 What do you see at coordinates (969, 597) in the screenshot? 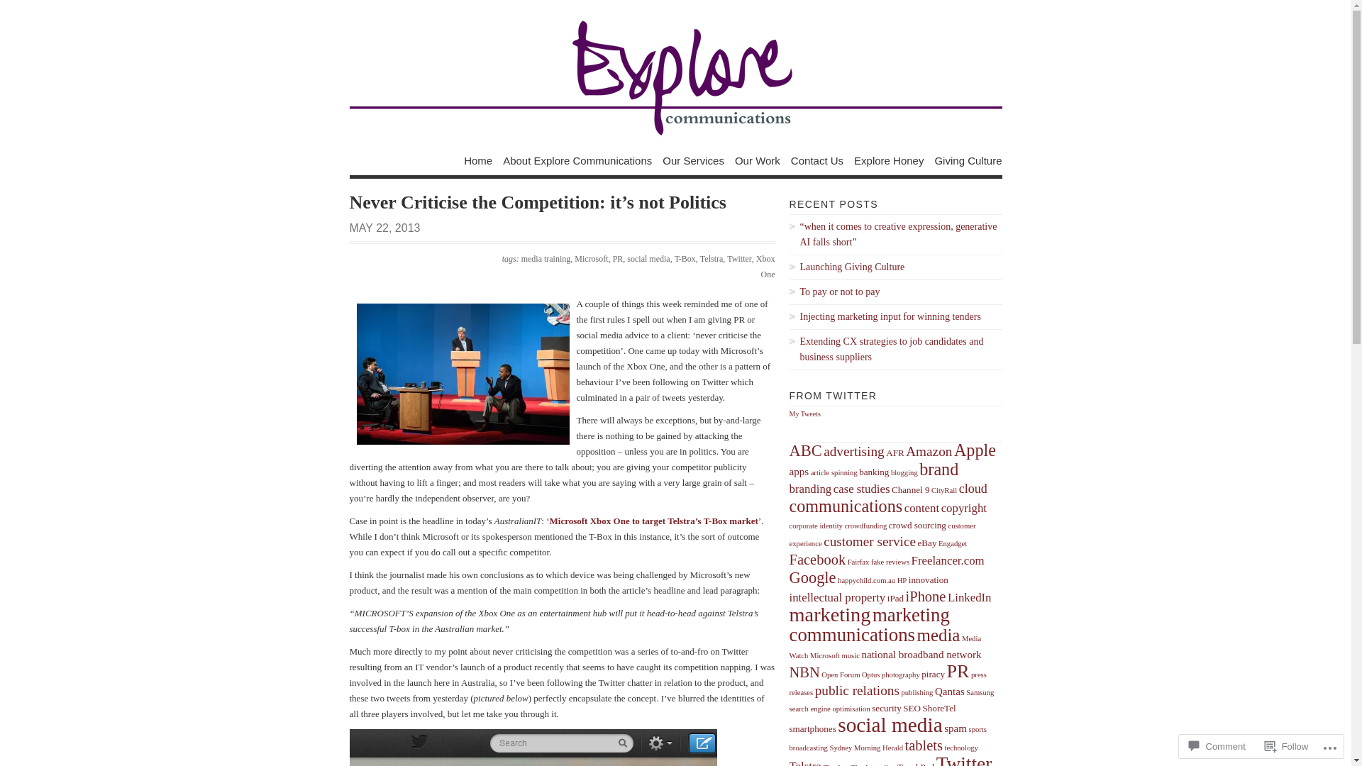
I see `'LinkedIn'` at bounding box center [969, 597].